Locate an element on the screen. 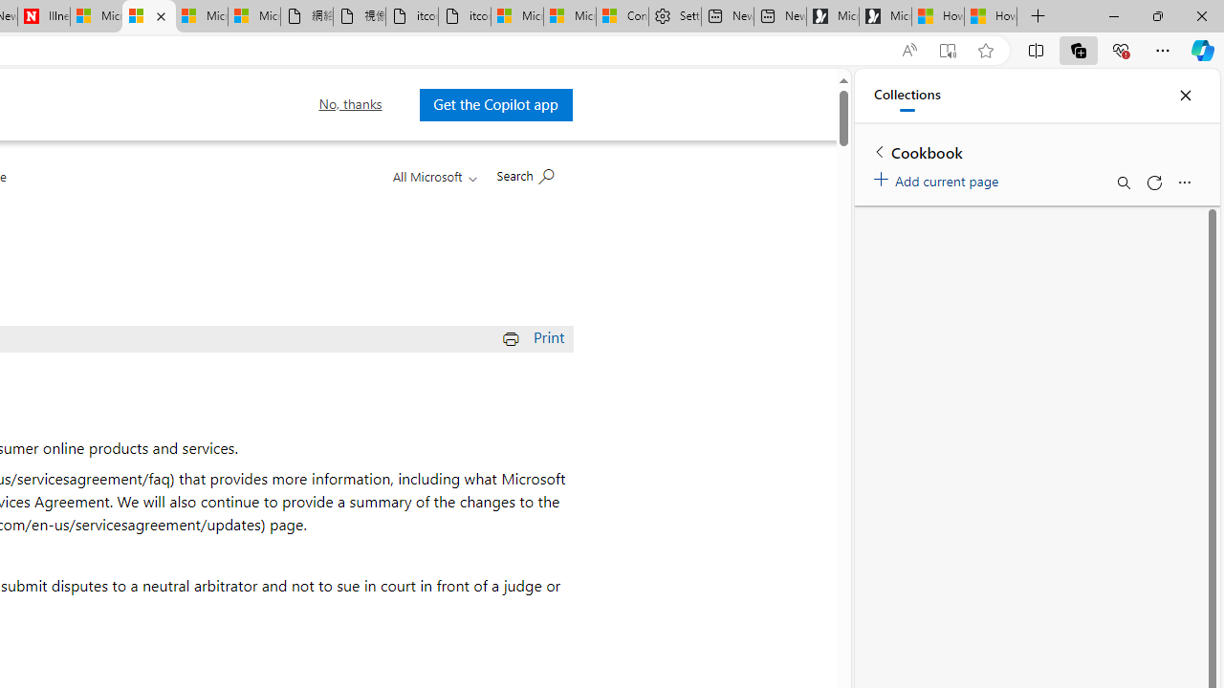 The height and width of the screenshot is (688, 1224). 'Microsoft account | Privacy' is located at coordinates (569, 16).